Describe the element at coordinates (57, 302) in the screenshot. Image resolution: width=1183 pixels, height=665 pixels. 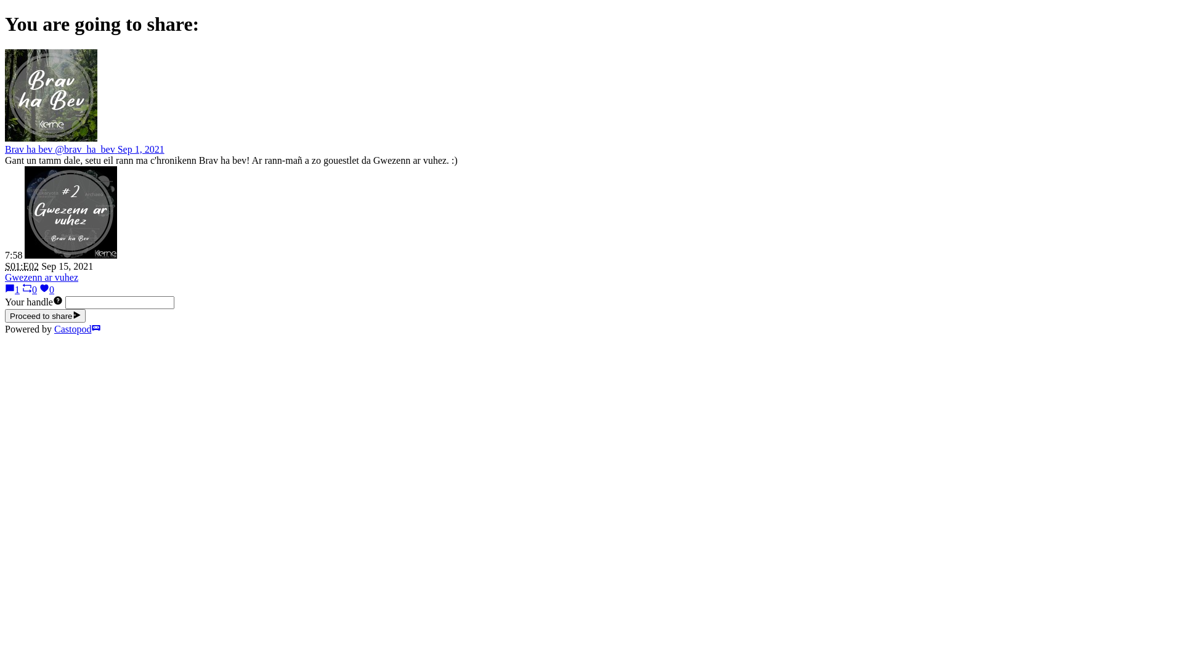
I see `'Enter the @username@domain you want to act from.'` at that location.